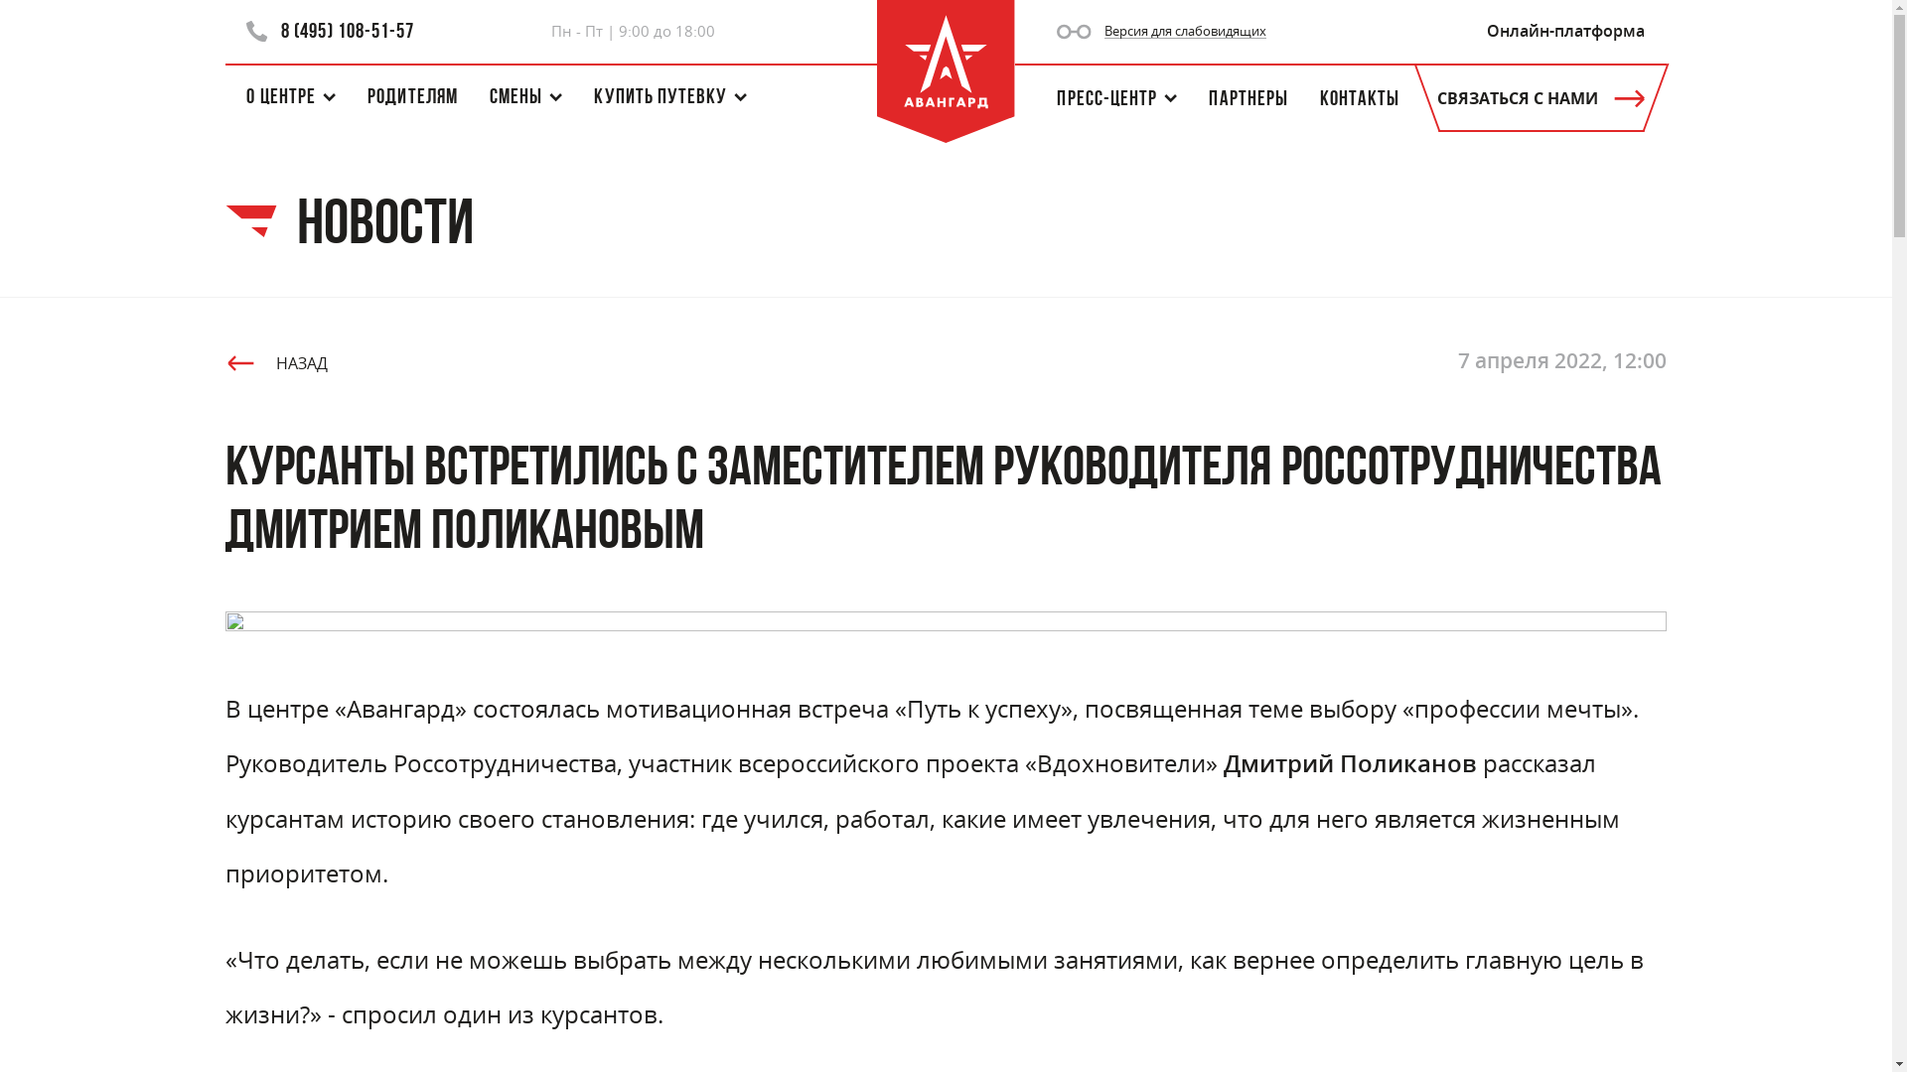  Describe the element at coordinates (330, 31) in the screenshot. I see `'8 (495) 108-51-57'` at that location.